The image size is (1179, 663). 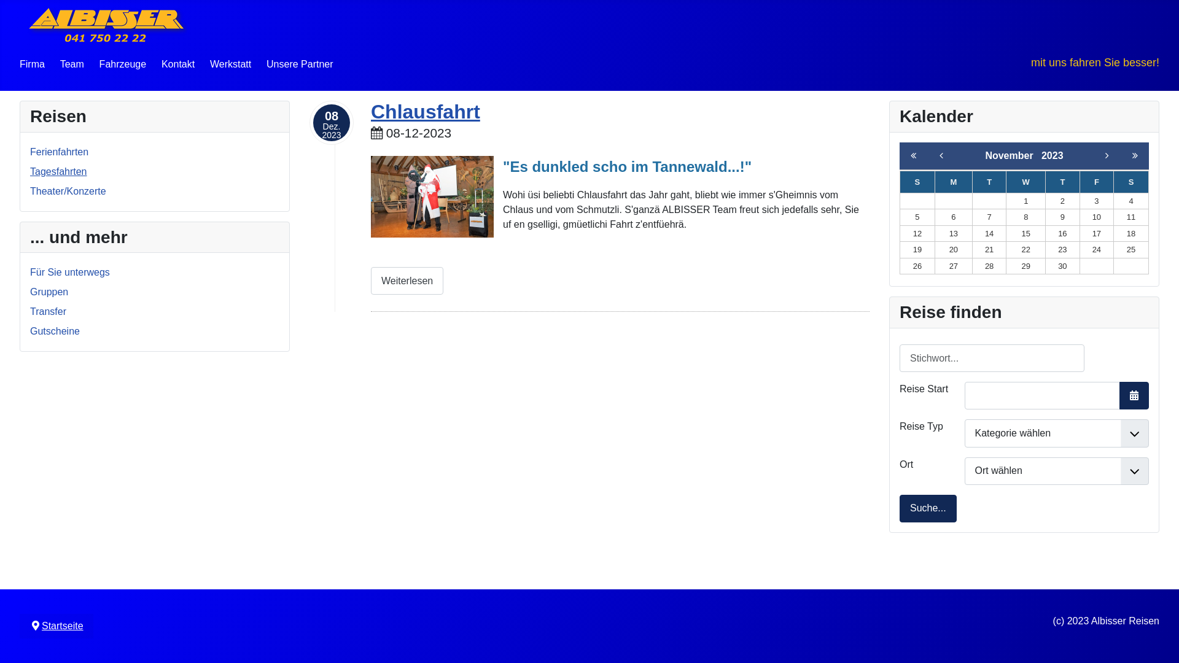 I want to click on 'Kontakt', so click(x=177, y=64).